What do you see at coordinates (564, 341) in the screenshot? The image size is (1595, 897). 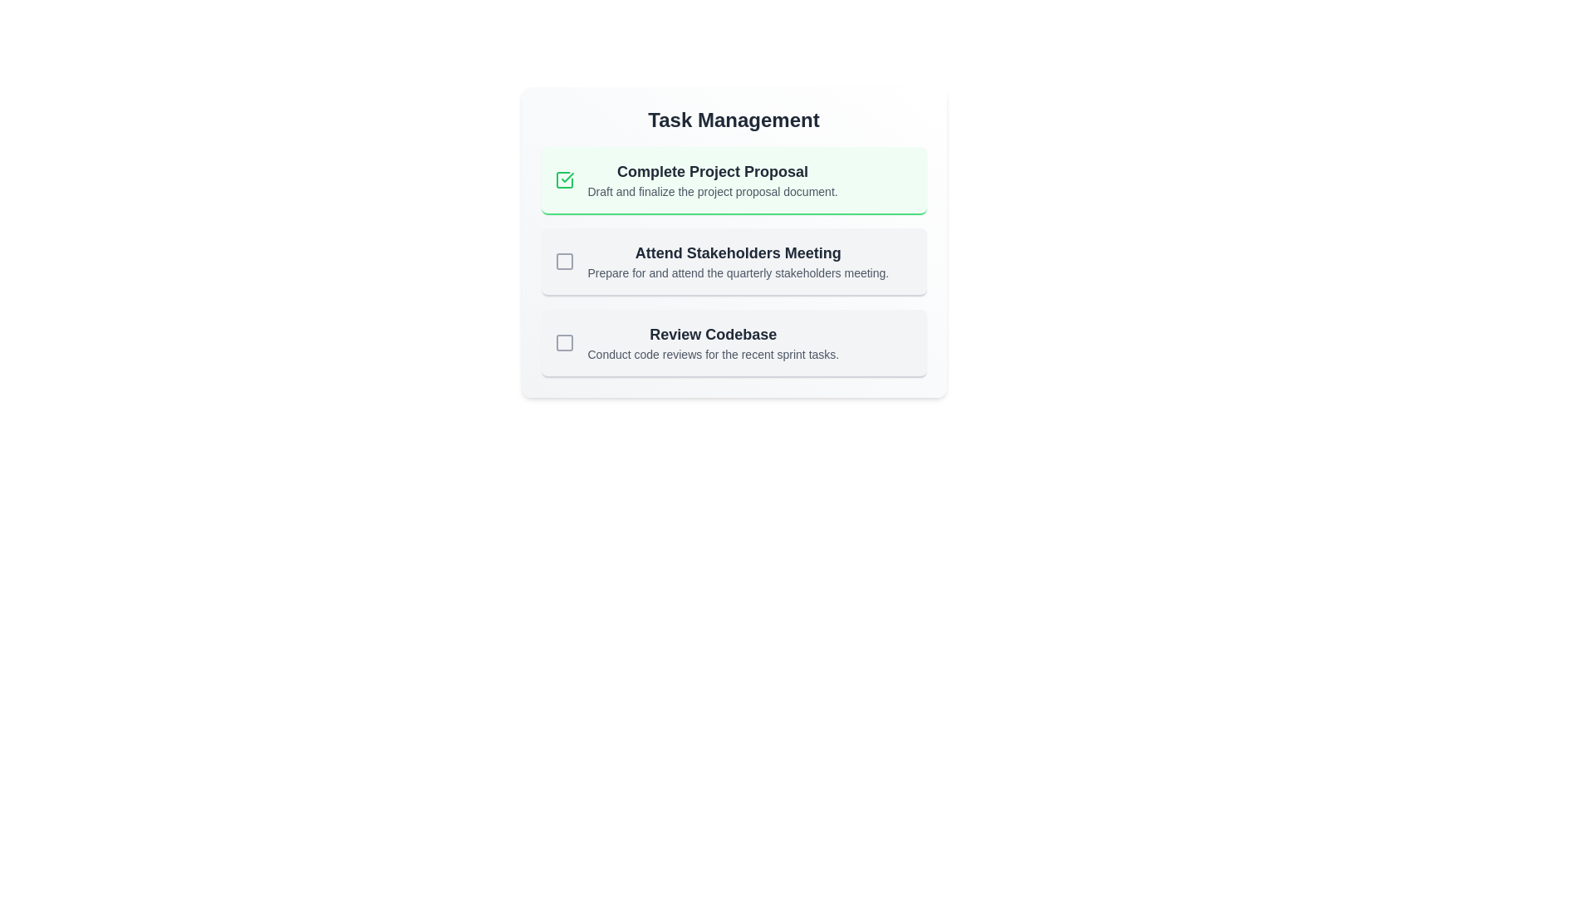 I see `the graphical decoration within the checkbox of the third task item titled 'Review Codebase'` at bounding box center [564, 341].